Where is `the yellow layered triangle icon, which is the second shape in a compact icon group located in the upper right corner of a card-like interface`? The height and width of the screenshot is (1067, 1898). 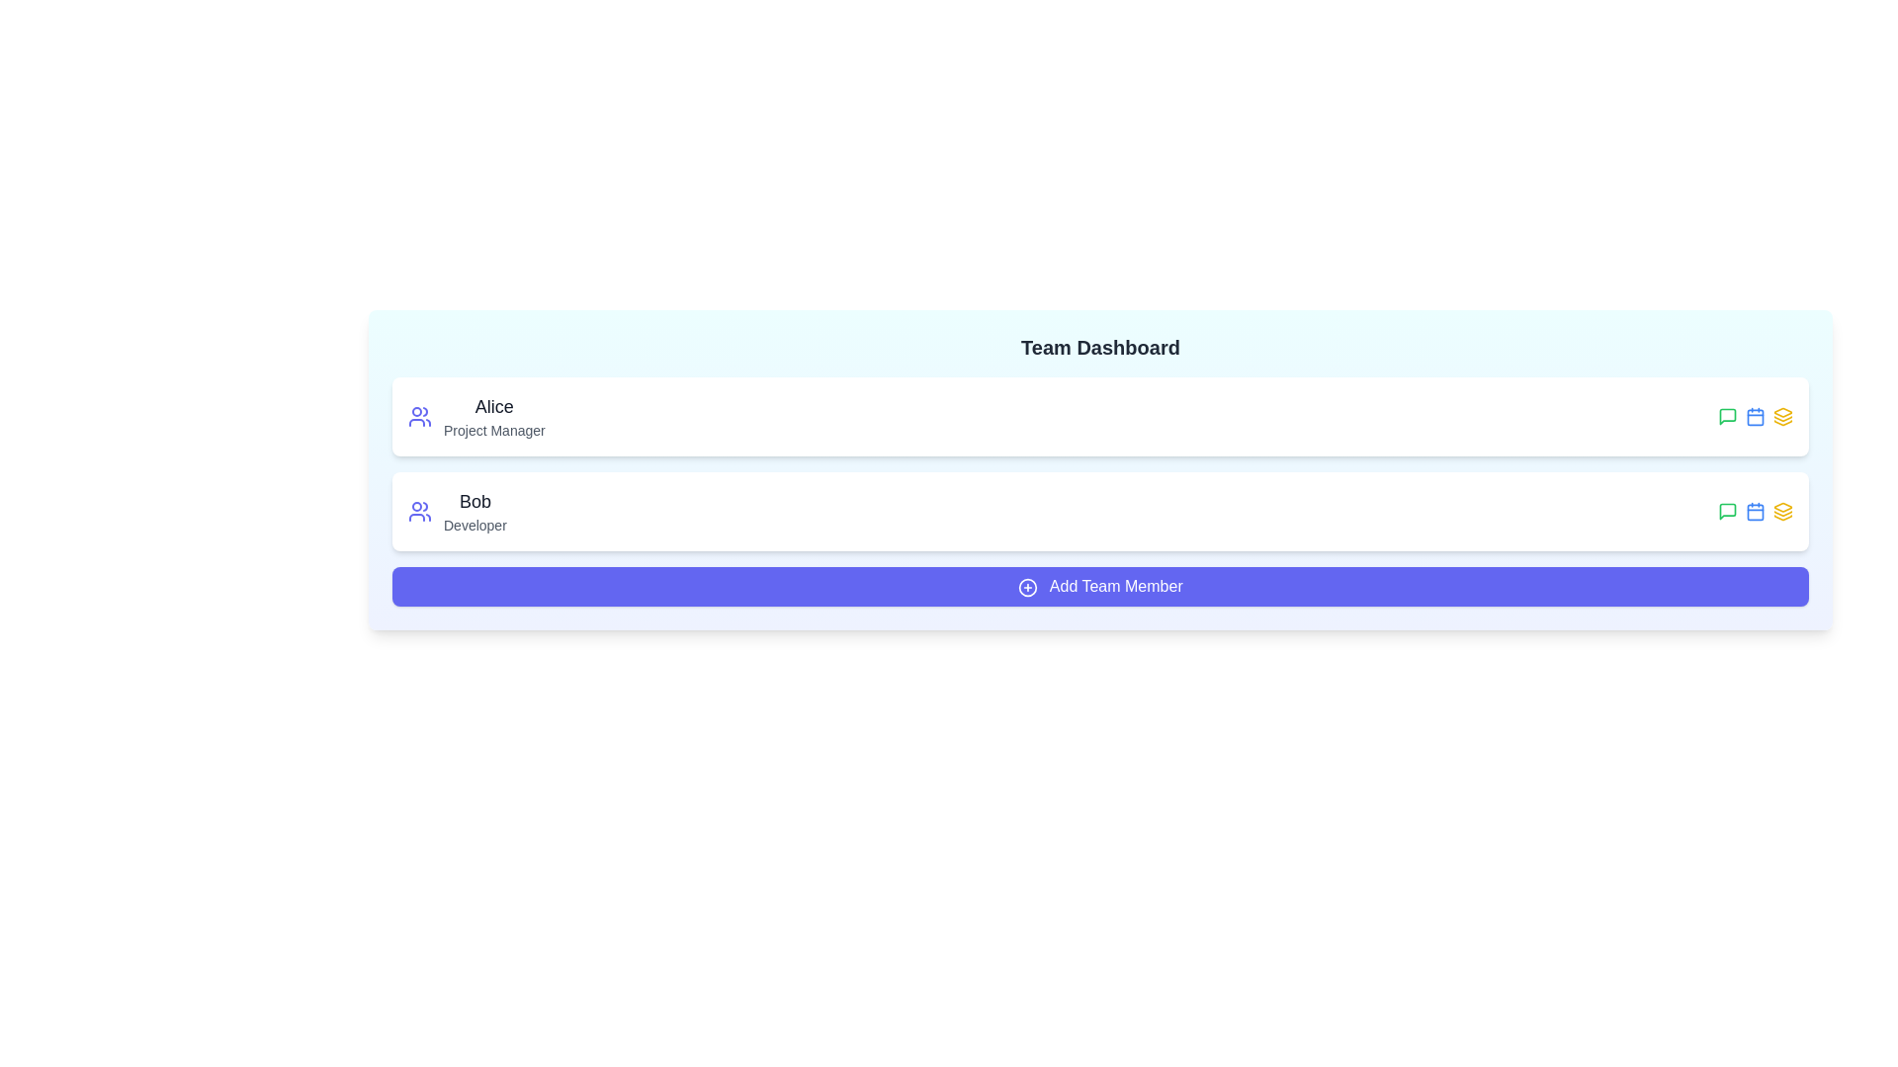 the yellow layered triangle icon, which is the second shape in a compact icon group located in the upper right corner of a card-like interface is located at coordinates (1783, 418).